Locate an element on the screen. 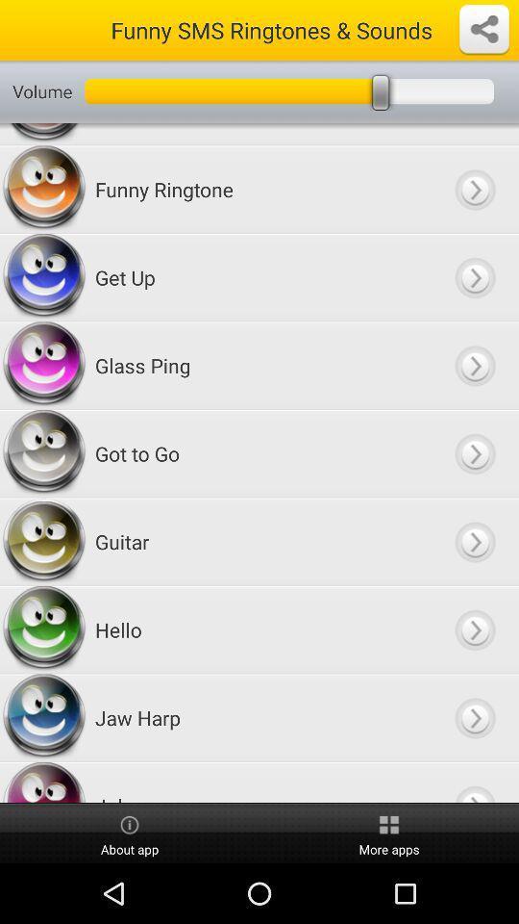 The height and width of the screenshot is (924, 519). ringtone option is located at coordinates (474, 276).